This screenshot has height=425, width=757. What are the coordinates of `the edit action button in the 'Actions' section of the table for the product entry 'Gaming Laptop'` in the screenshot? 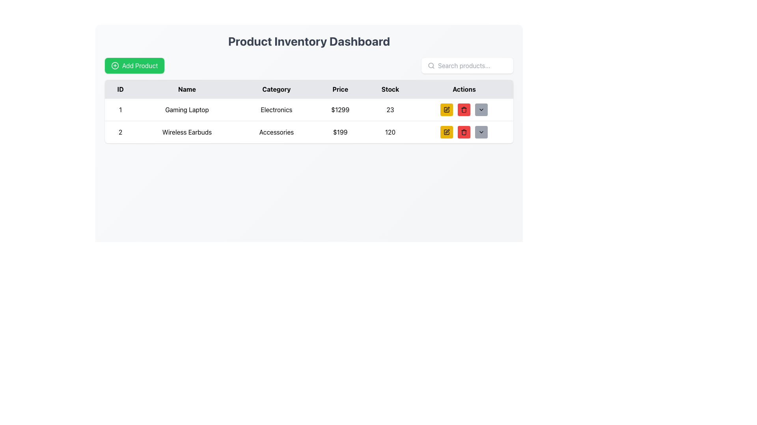 It's located at (447, 109).